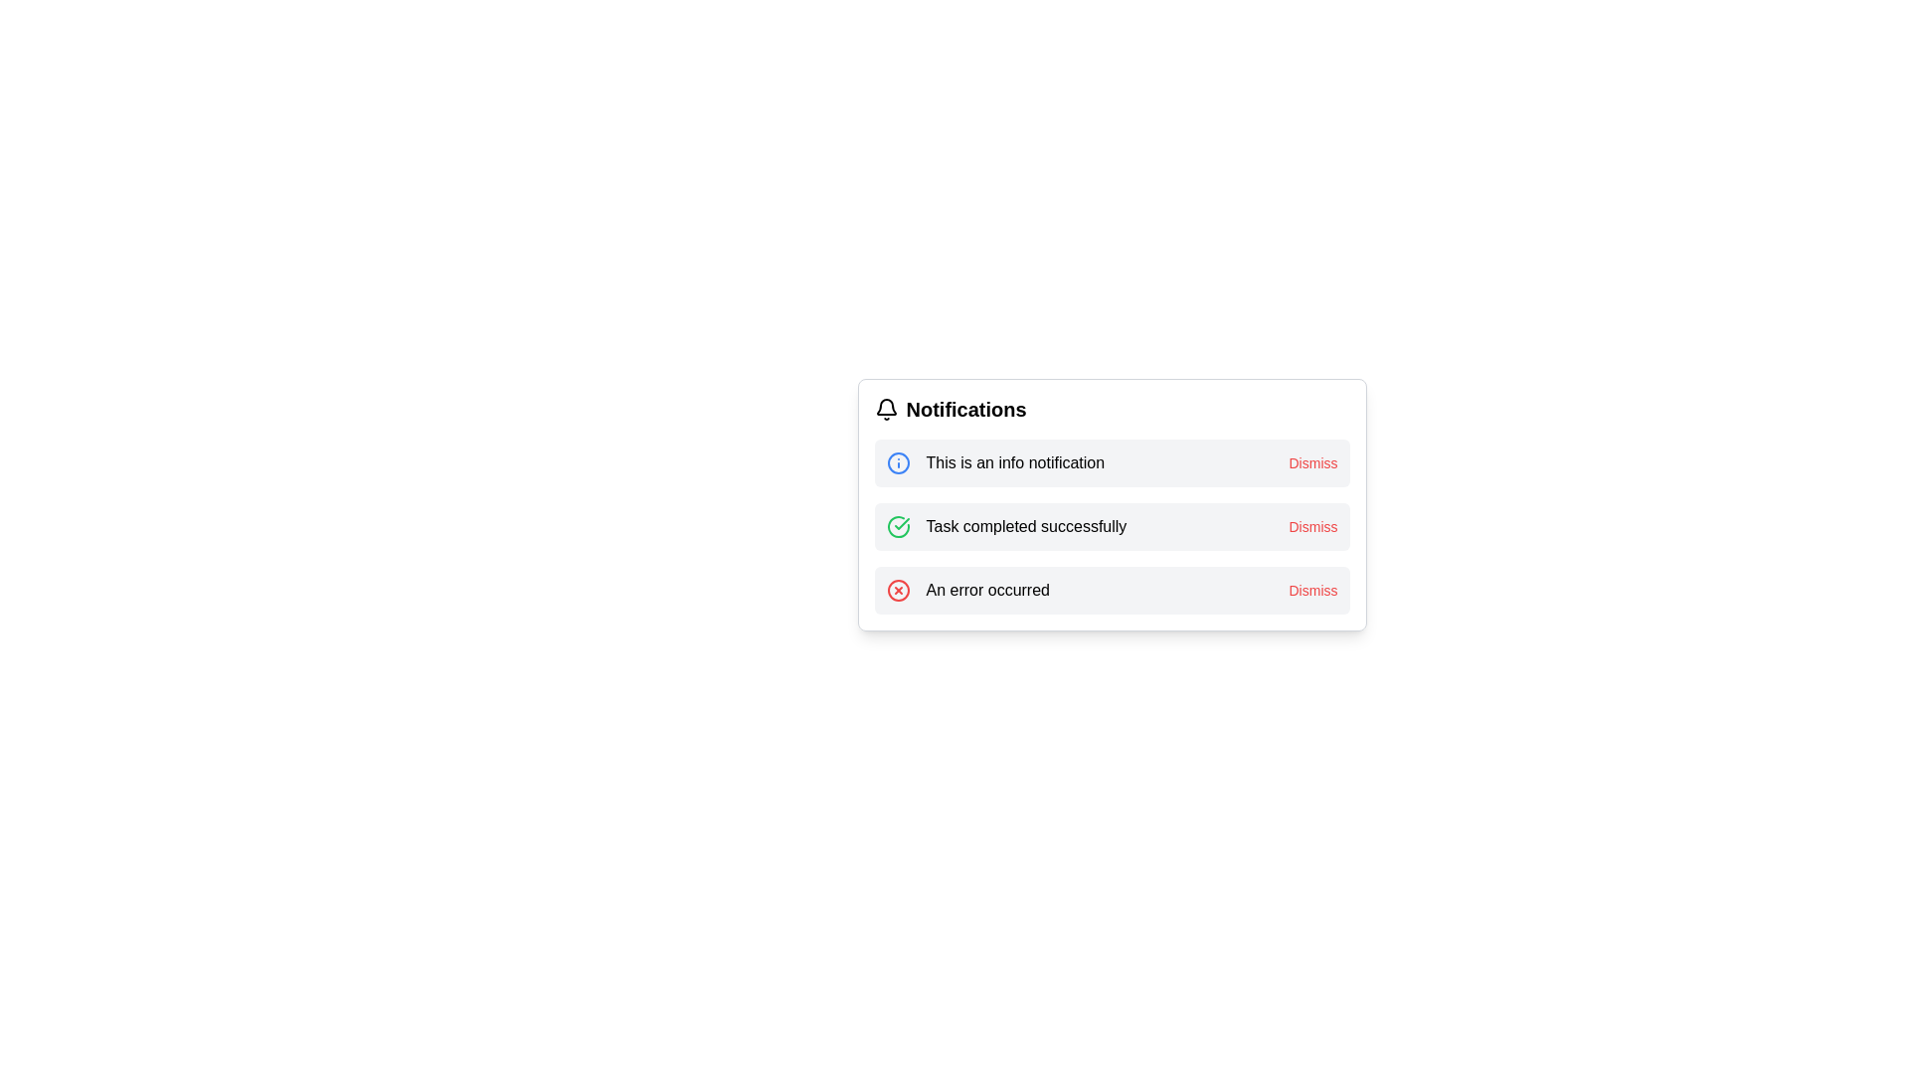  Describe the element at coordinates (897, 463) in the screenshot. I see `the informational icon located in the notification panel under the text 'This is an info notification'` at that location.